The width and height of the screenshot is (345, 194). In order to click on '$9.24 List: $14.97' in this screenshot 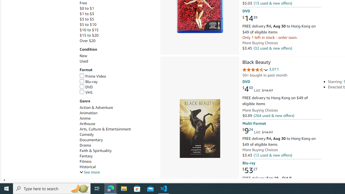, I will do `click(257, 131)`.